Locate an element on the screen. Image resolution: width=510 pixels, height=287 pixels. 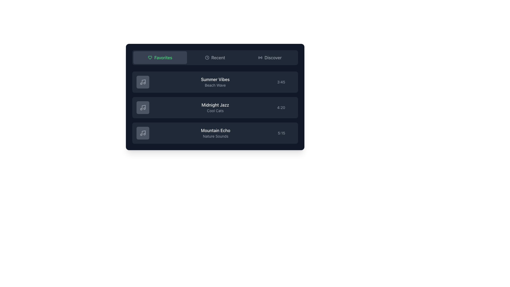
the music icon represented as a musical note symbol, which is styled with a thin outline and gray color, located in the second row to the left of the text 'Midnight Jazz' is located at coordinates (143, 108).